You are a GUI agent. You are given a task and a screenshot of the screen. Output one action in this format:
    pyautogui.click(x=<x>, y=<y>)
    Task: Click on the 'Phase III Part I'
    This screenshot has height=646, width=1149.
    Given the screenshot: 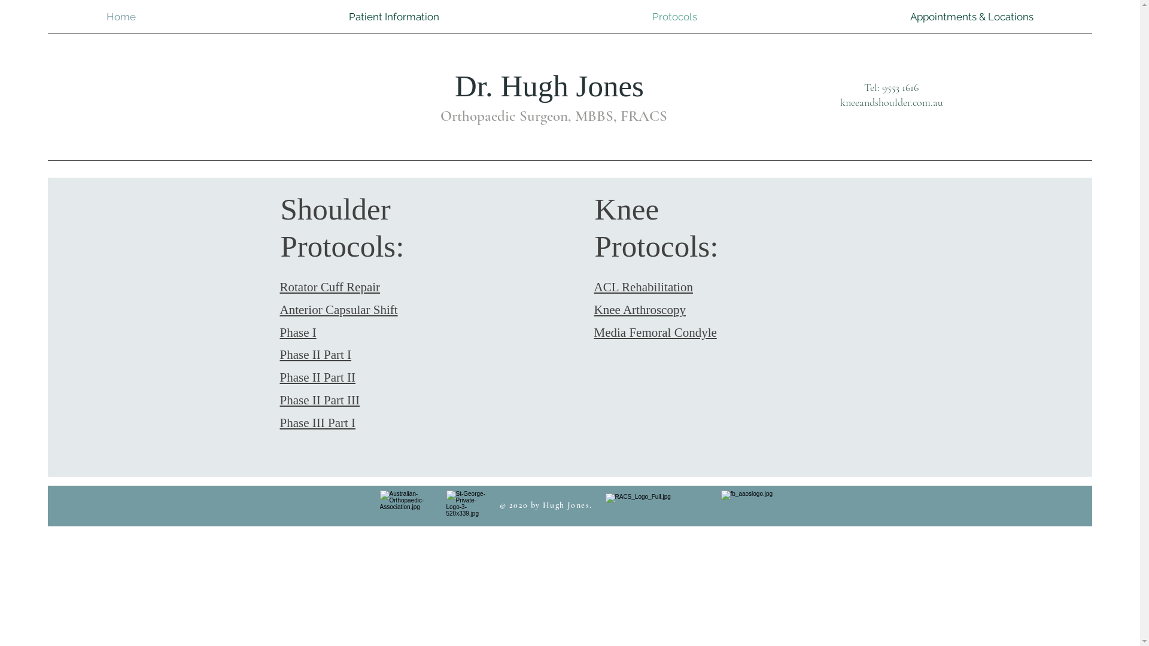 What is the action you would take?
    pyautogui.click(x=318, y=422)
    